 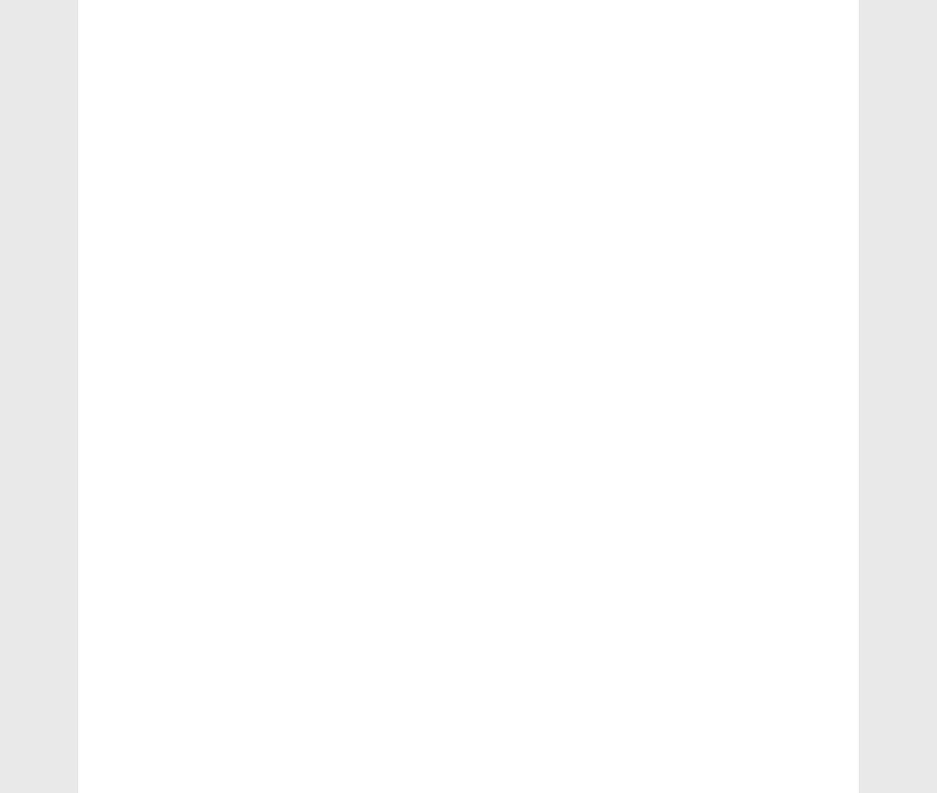 I want to click on 'chemistry', so click(x=144, y=413).